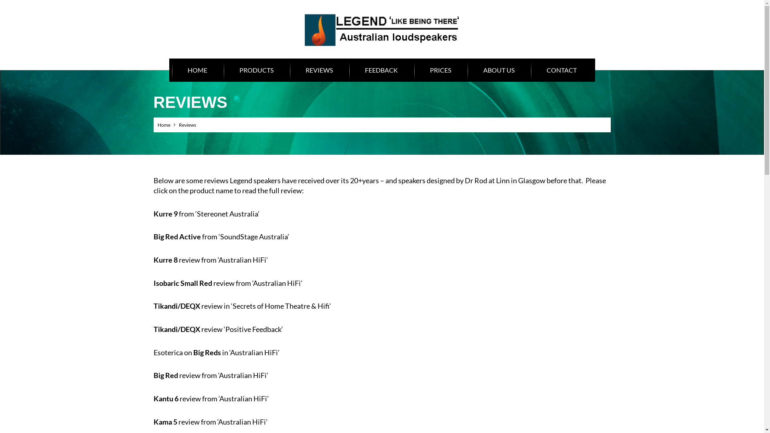 The width and height of the screenshot is (770, 433). I want to click on 'REVIEWS', so click(319, 69).